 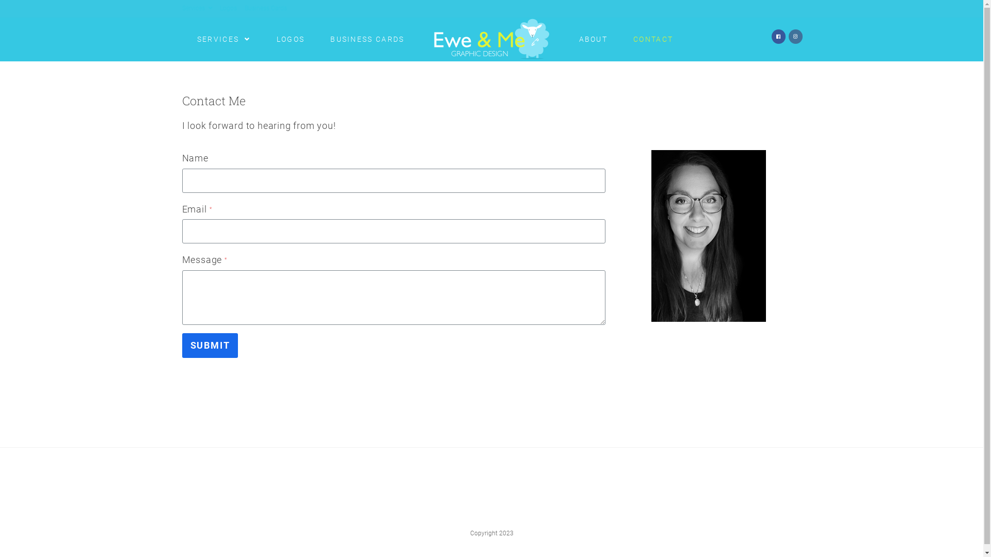 What do you see at coordinates (184, 39) in the screenshot?
I see `'SERVICES'` at bounding box center [184, 39].